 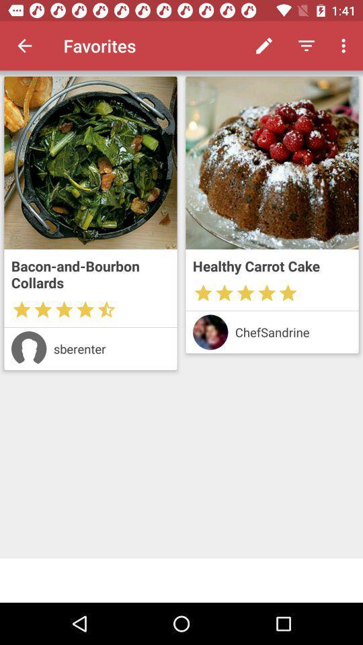 I want to click on open recipe, so click(x=91, y=162).